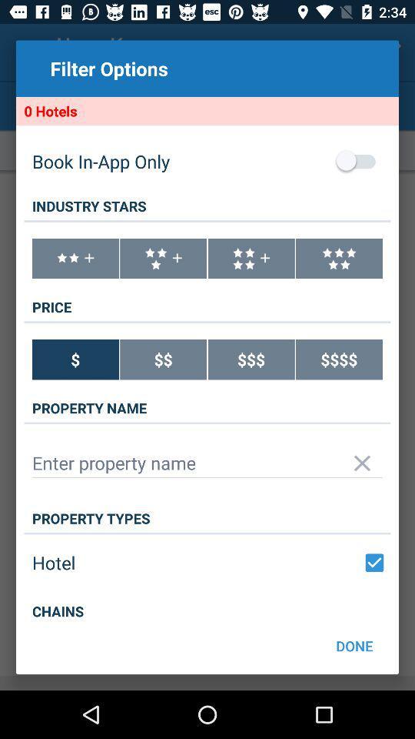 This screenshot has height=739, width=415. What do you see at coordinates (373, 562) in the screenshot?
I see `check hotels` at bounding box center [373, 562].